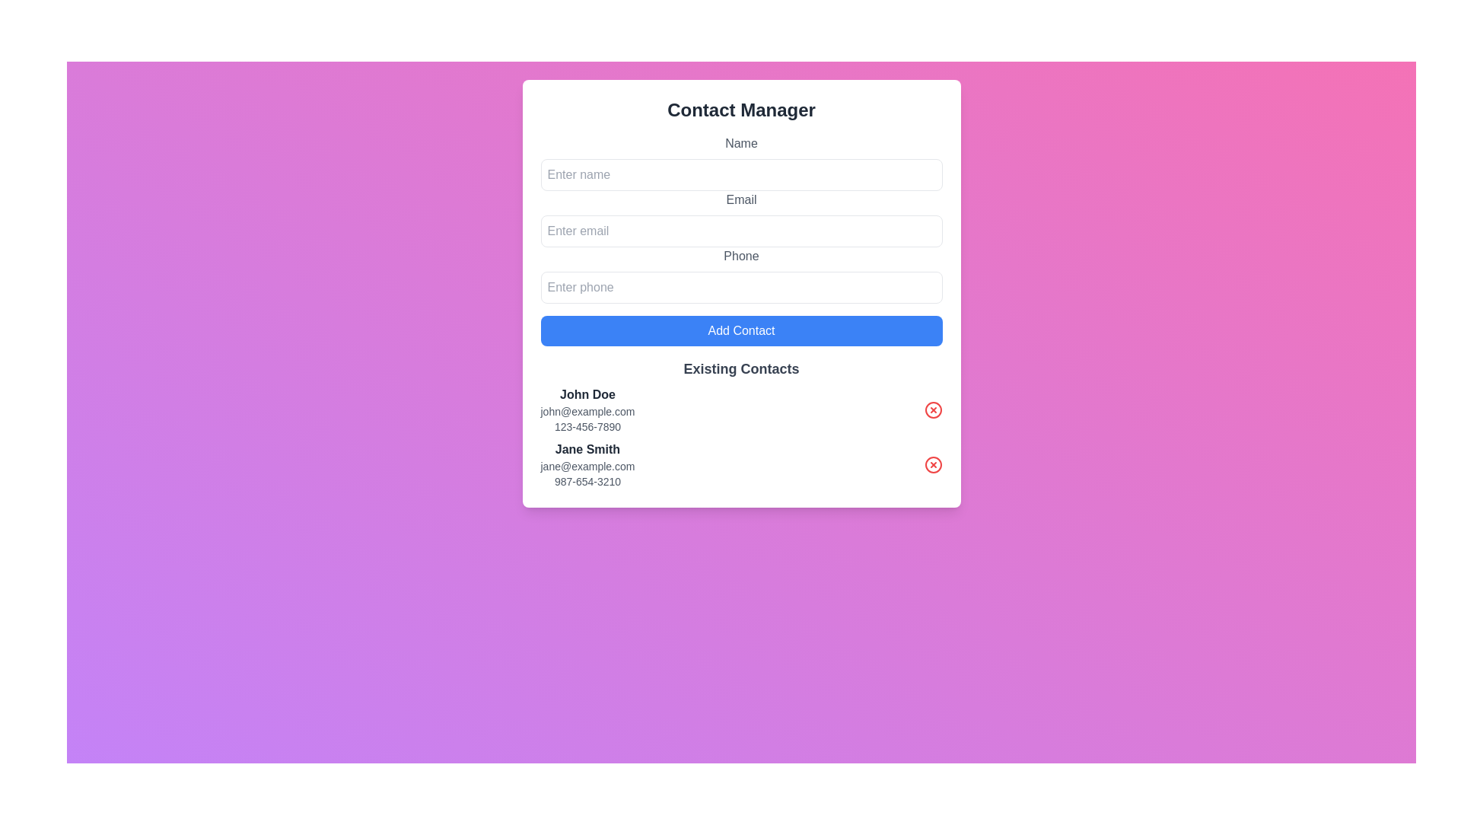 Image resolution: width=1461 pixels, height=822 pixels. Describe the element at coordinates (741, 110) in the screenshot. I see `text of the header label indicating the section for managing contacts, which is positioned at the top of the interface above input fields and buttons` at that location.